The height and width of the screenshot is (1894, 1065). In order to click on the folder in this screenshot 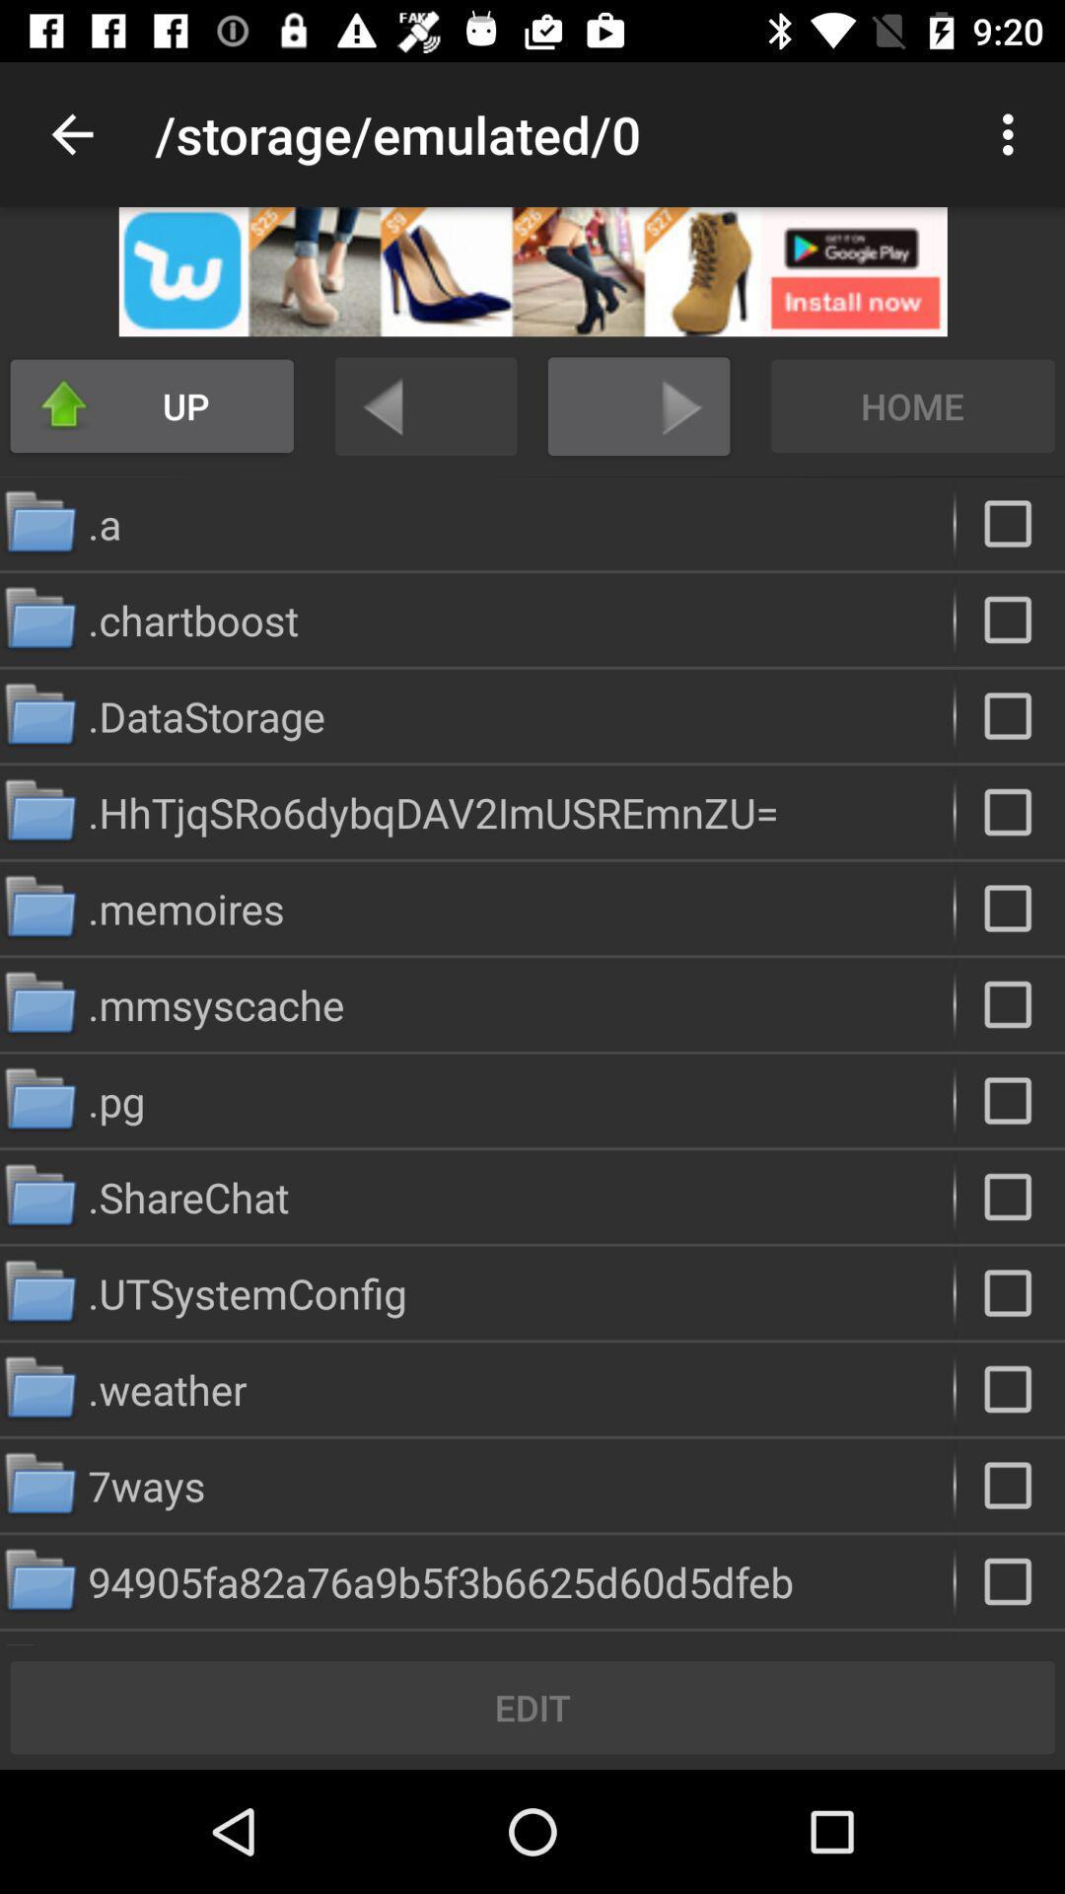, I will do `click(1010, 1388)`.